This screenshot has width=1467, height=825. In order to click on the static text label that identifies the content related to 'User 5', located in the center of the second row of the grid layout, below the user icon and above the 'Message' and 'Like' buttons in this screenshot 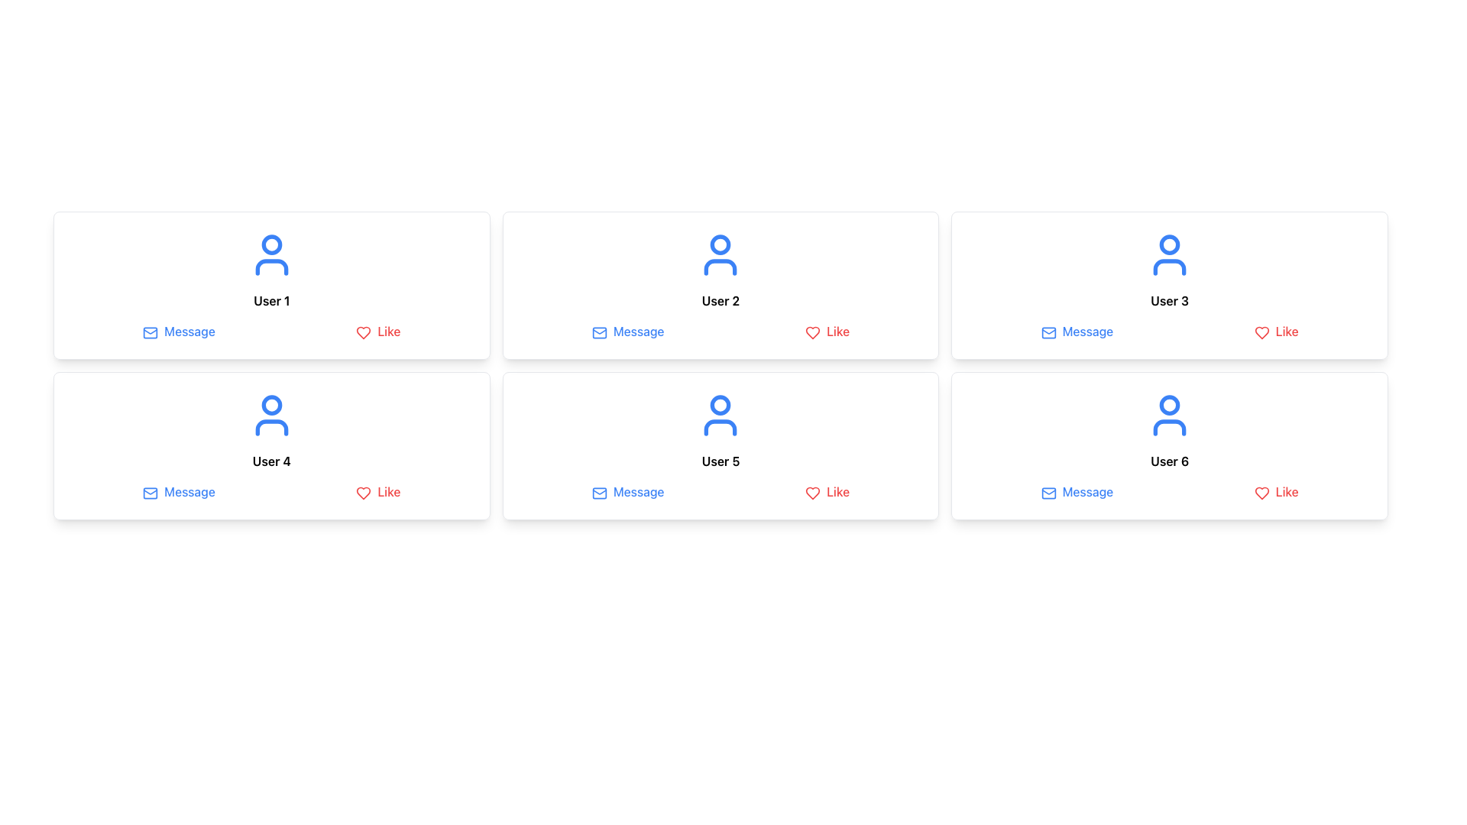, I will do `click(720, 461)`.